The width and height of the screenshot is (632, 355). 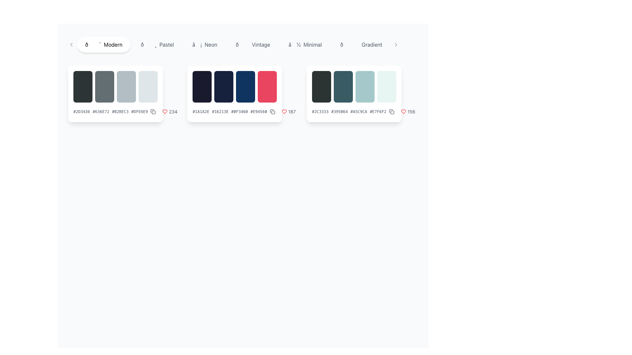 I want to click on the gray text label displaying a sequence of color codes, positioned in the lower portion of the third card in the interface, below the row of color blocks, so click(x=354, y=111).